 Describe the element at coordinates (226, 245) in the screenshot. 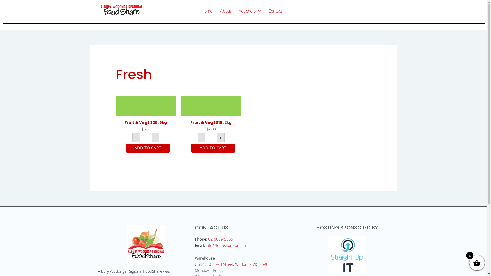

I see `'info@foodshare.org.au'` at that location.